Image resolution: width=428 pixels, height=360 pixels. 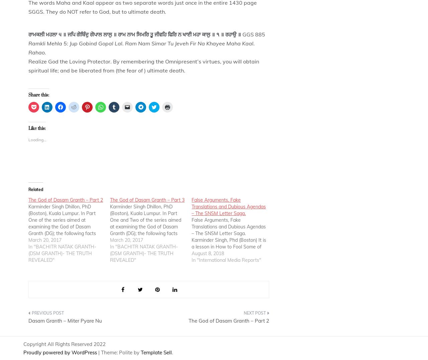 I want to click on 'Share this:', so click(x=38, y=95).